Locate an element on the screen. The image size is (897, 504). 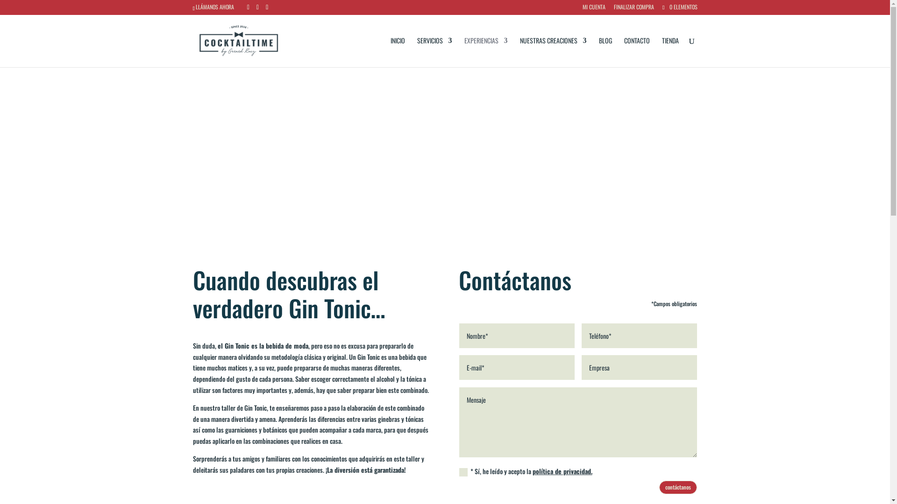
'CONTACTO' is located at coordinates (636, 52).